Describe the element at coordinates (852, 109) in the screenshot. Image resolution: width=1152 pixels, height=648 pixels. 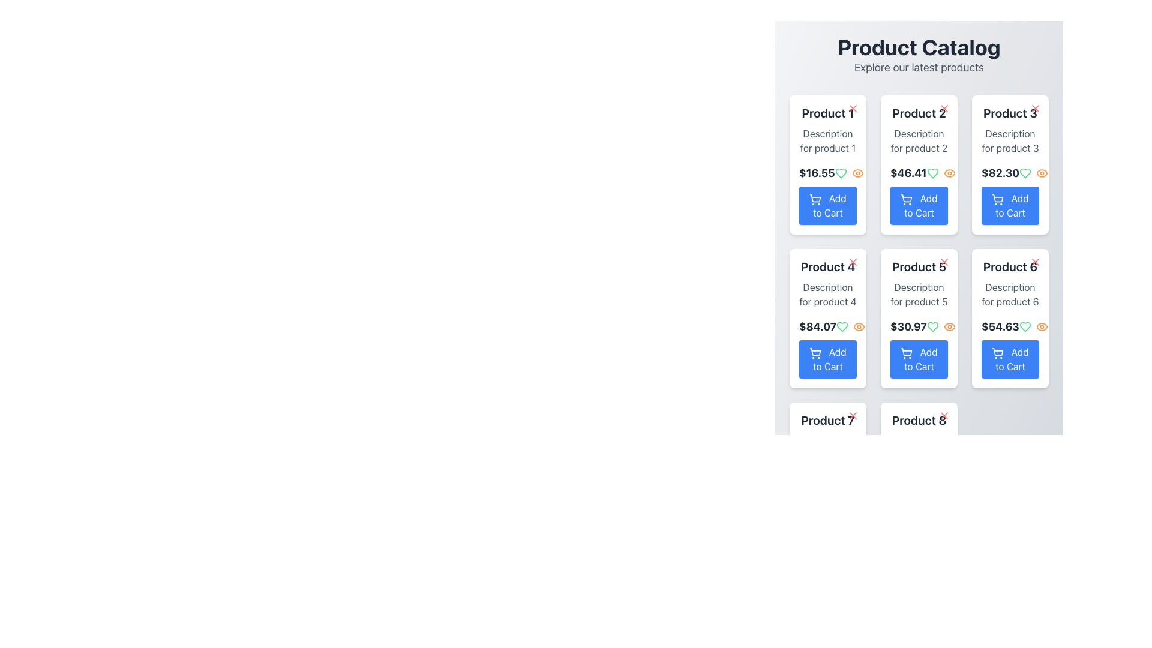
I see `the 'X'-shaped dismiss icon located in the top-right corner of the 'Product 1' card` at that location.